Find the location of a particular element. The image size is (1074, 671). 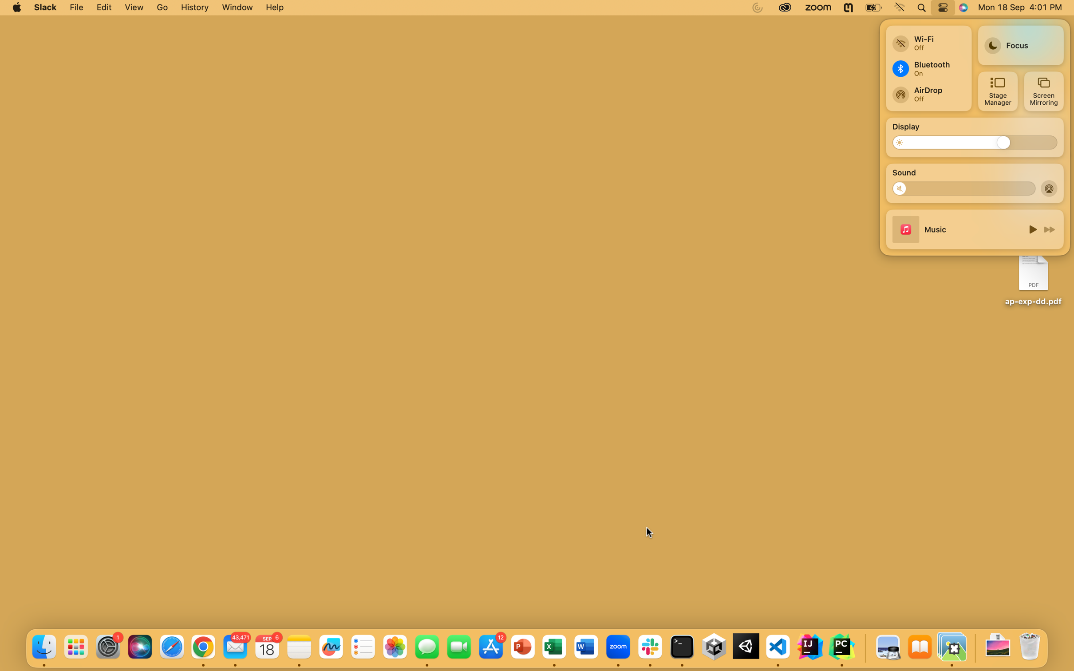

screen mirroring function is located at coordinates (1042, 91).